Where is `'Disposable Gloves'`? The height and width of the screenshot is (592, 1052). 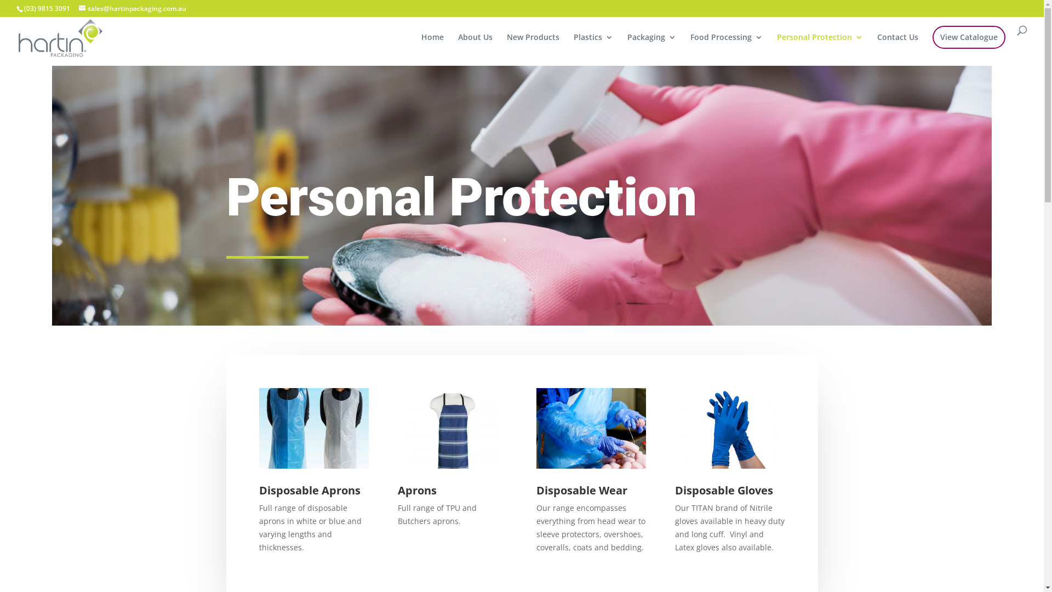 'Disposable Gloves' is located at coordinates (674, 489).